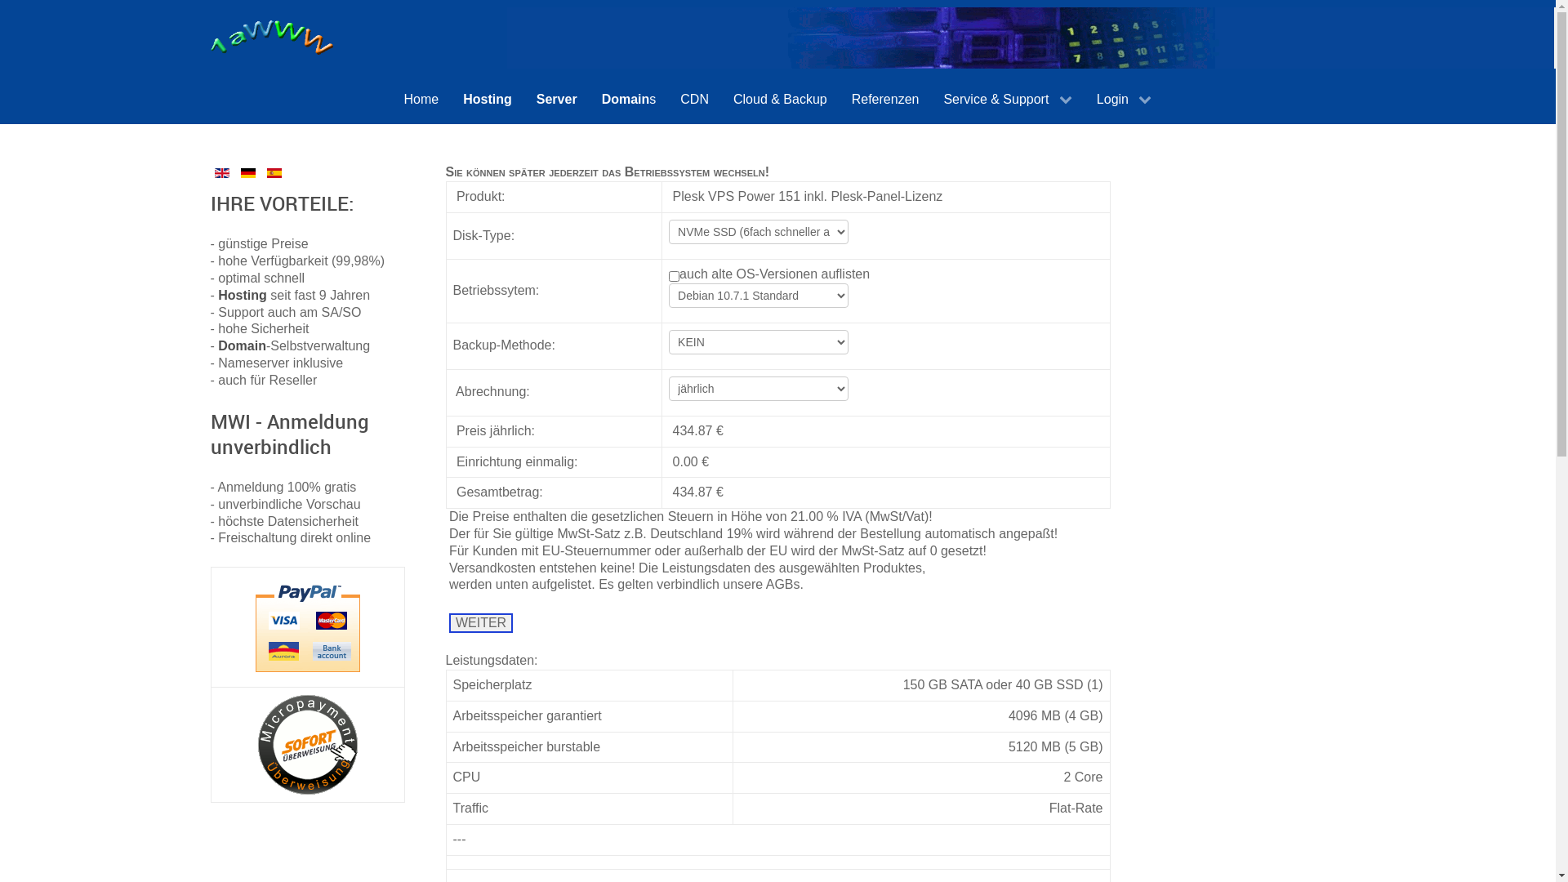 This screenshot has width=1568, height=882. What do you see at coordinates (392, 99) in the screenshot?
I see `'Home'` at bounding box center [392, 99].